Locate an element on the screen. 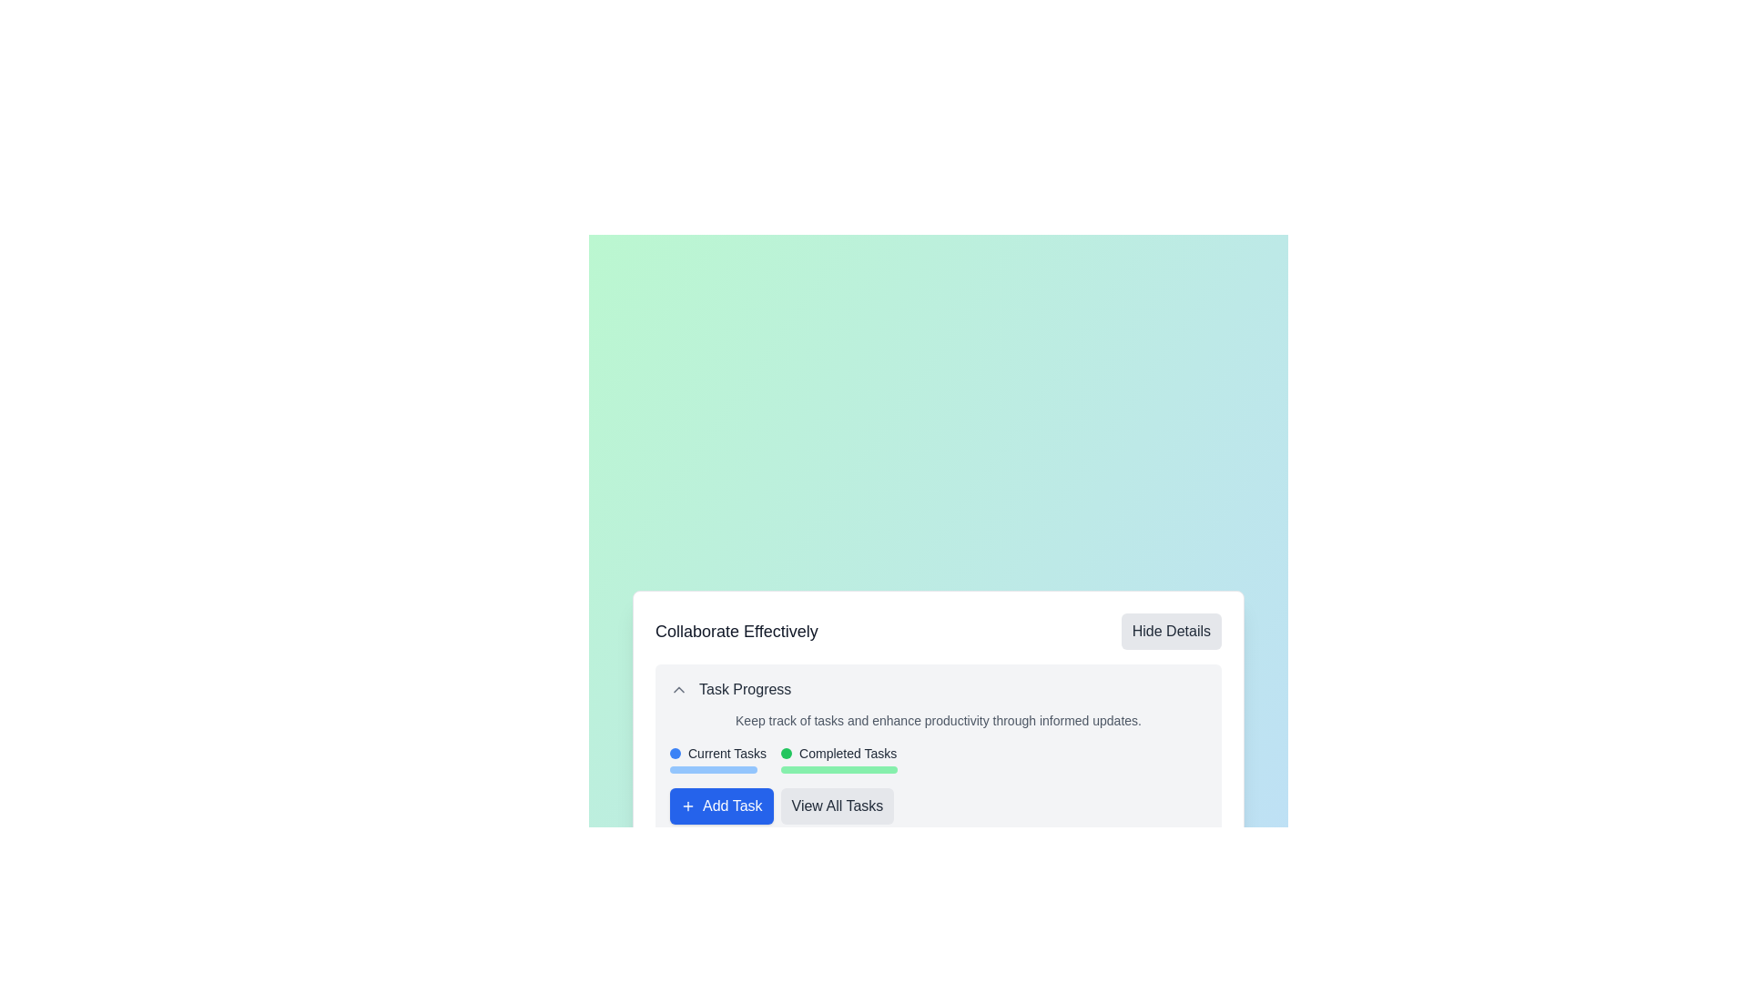 The width and height of the screenshot is (1748, 983). the progress indicator represented by the text label and associated status indicator located directly to the right of the 'Current Tasks' element is located at coordinates (838, 758).